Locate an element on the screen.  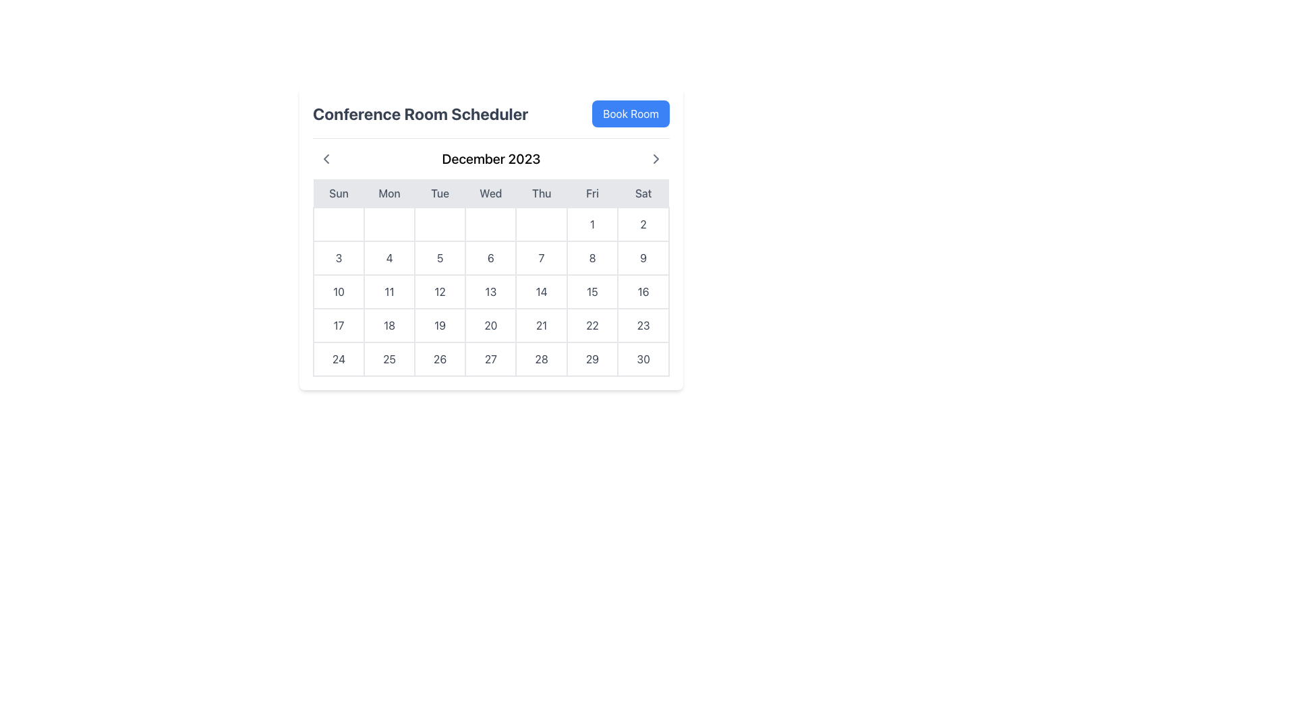
the calendar date cell displaying the number '6' is located at coordinates (490, 257).